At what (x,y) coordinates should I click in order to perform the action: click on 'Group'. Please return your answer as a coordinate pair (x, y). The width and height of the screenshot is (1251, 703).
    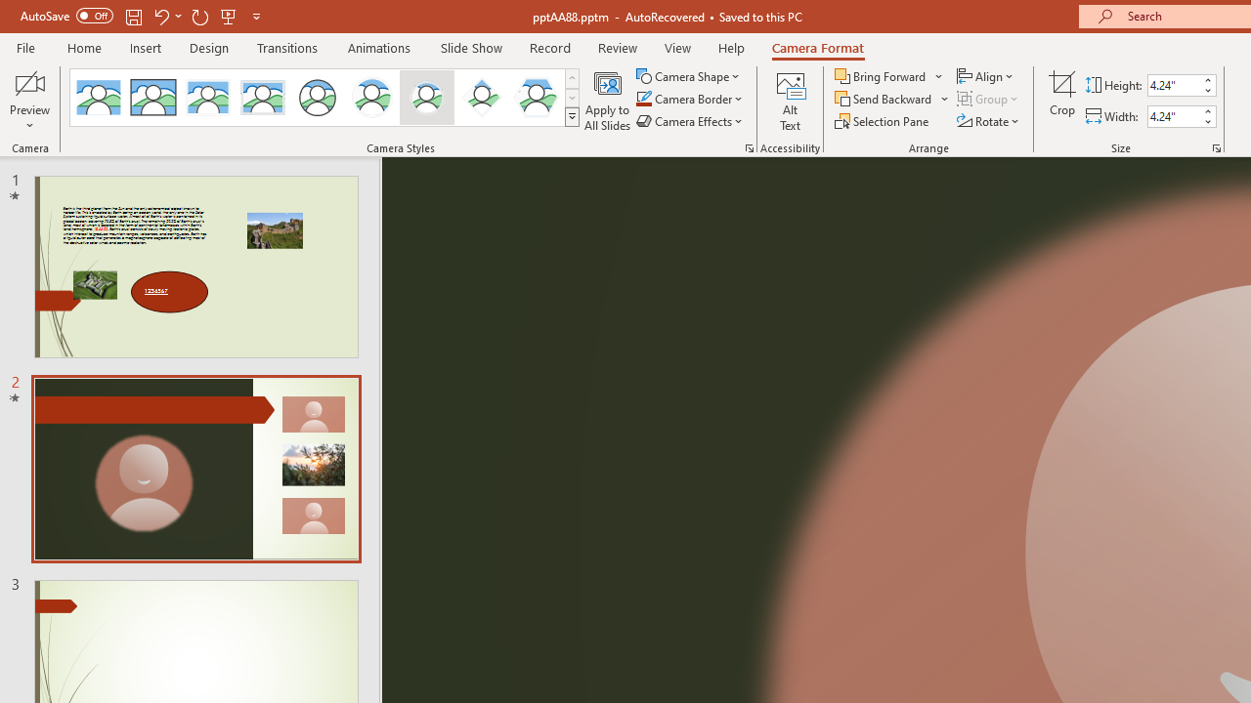
    Looking at the image, I should click on (989, 99).